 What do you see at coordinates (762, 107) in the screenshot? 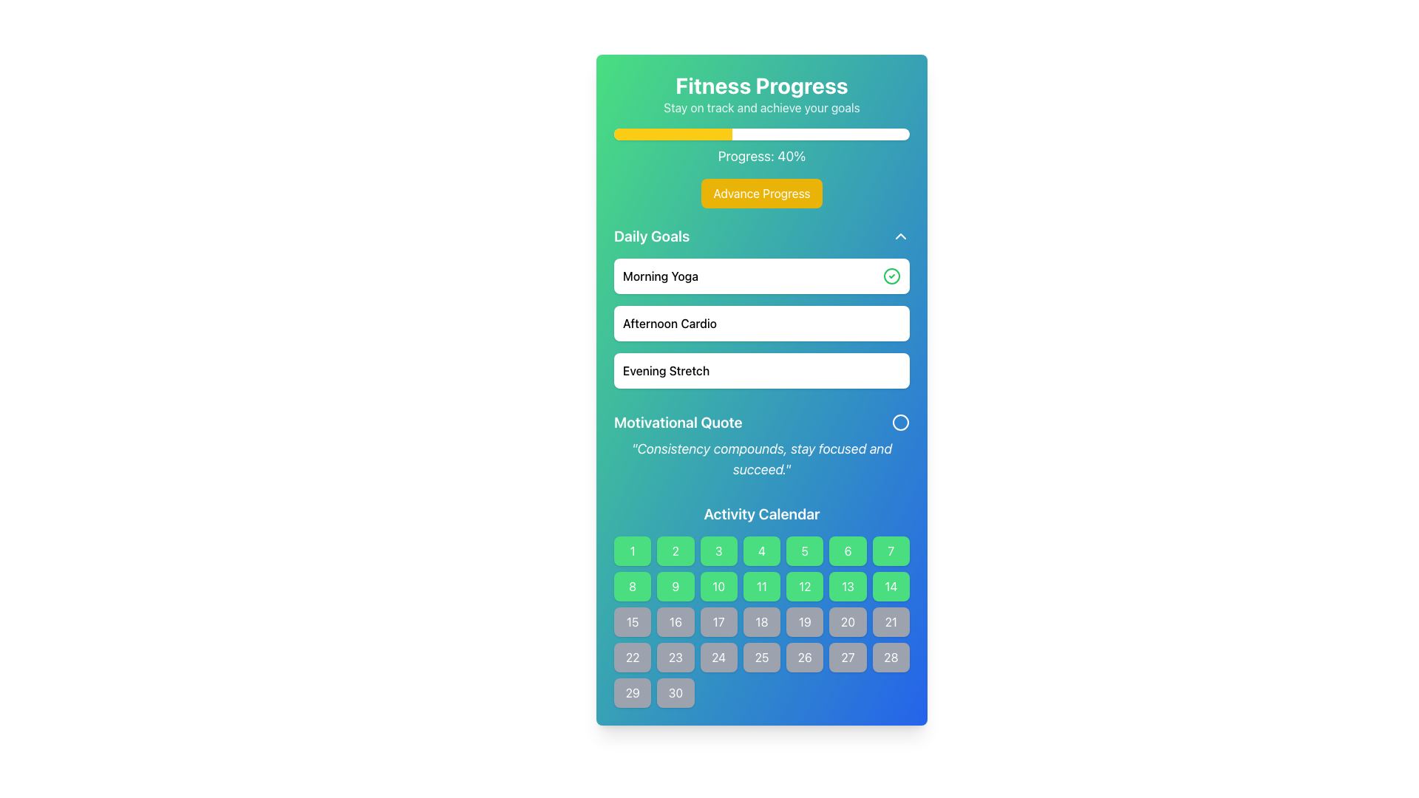
I see `static text 'Stay on track and achieve your goals' located below the bold headline 'Fitness Progress'` at bounding box center [762, 107].